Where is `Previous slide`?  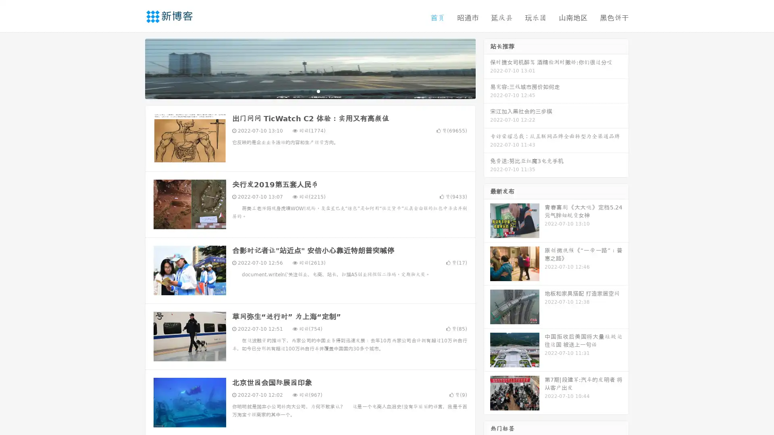 Previous slide is located at coordinates (133, 68).